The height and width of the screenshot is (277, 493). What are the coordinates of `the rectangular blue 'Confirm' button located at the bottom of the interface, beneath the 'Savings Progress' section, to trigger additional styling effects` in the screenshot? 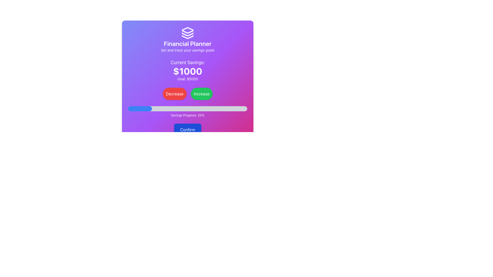 It's located at (187, 135).